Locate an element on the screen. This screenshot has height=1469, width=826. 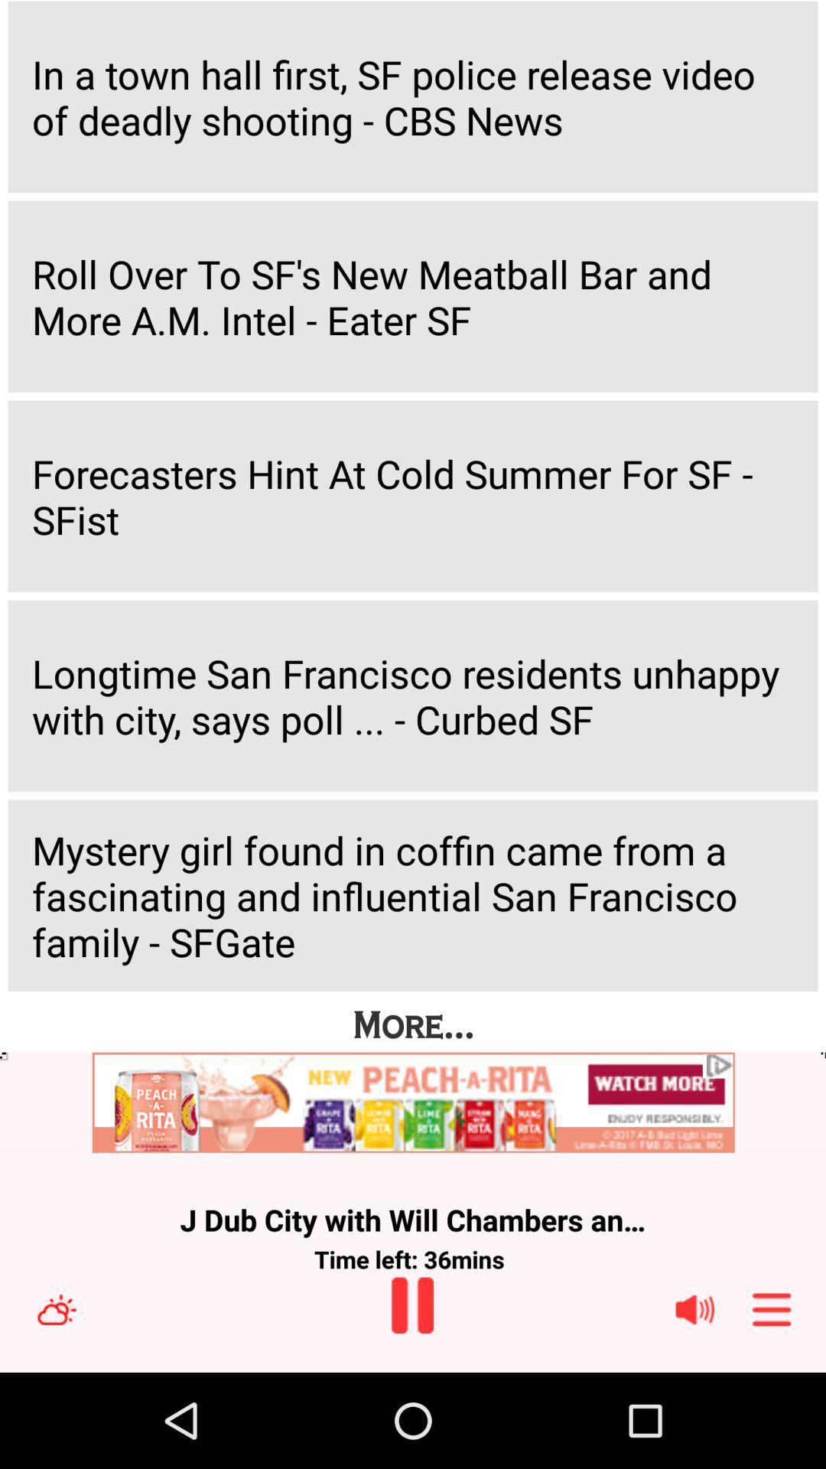
advertisement banner is located at coordinates (413, 1103).